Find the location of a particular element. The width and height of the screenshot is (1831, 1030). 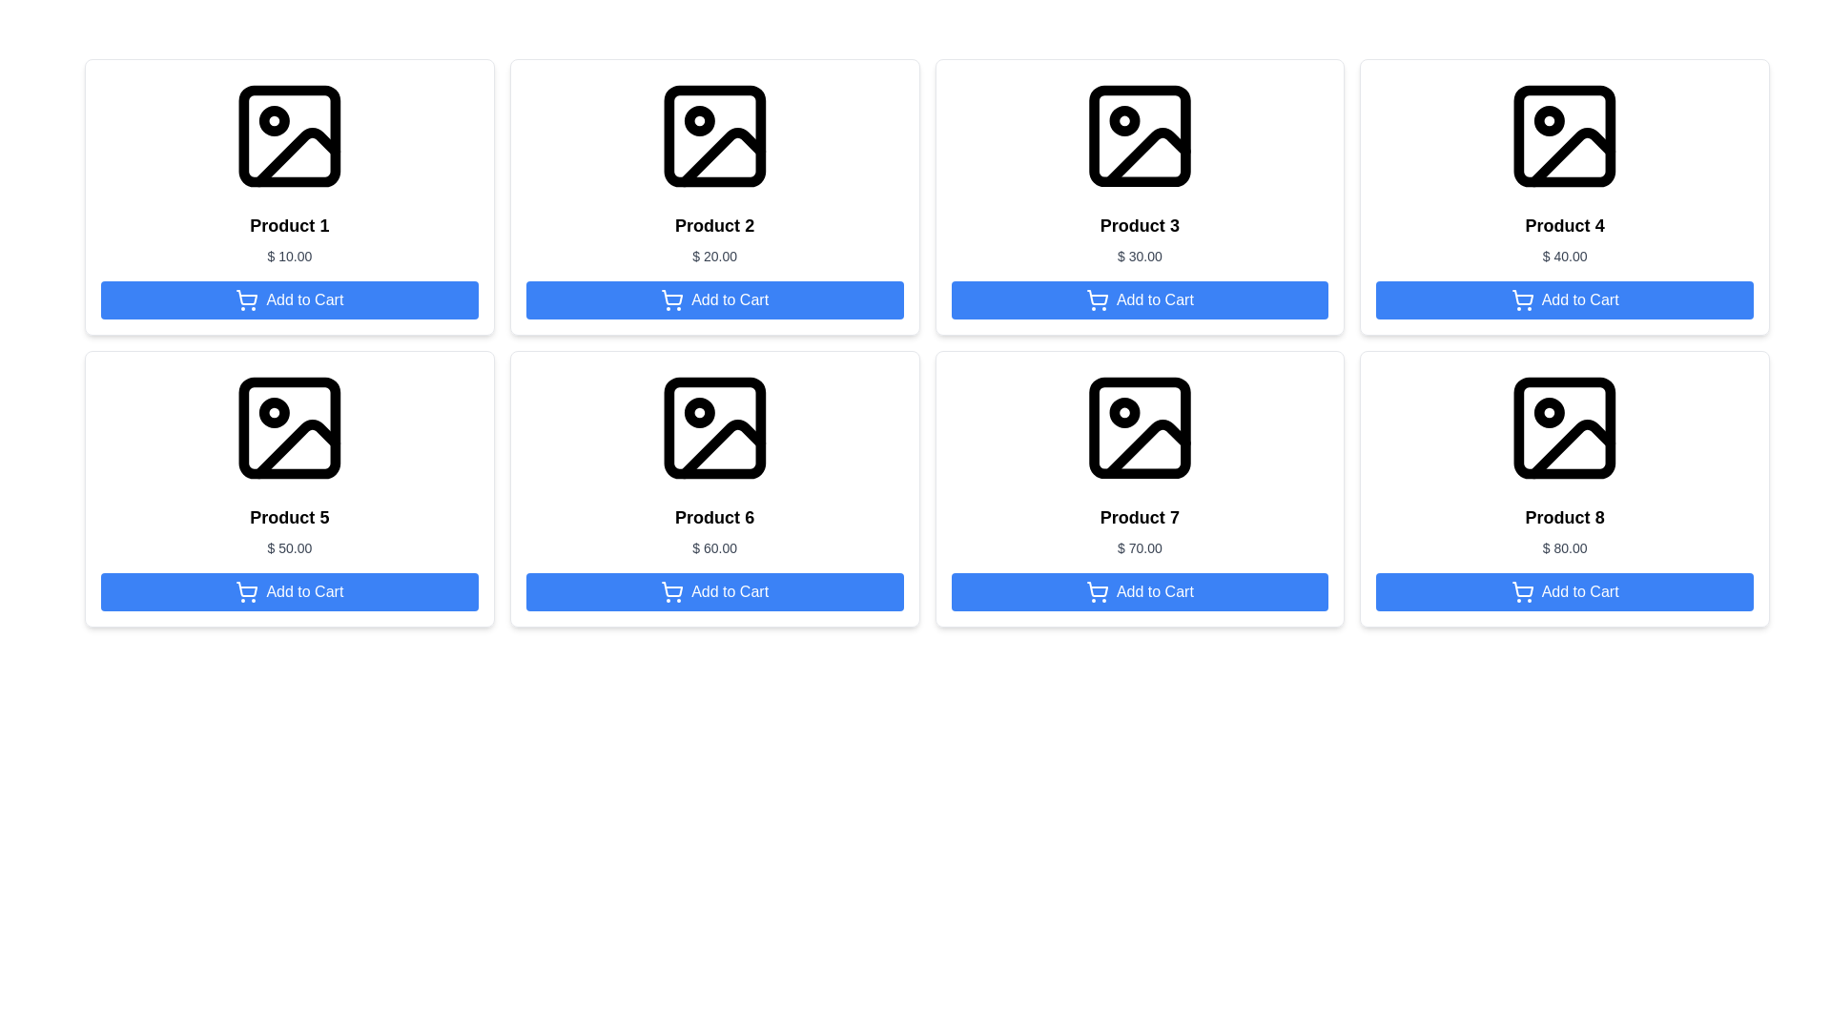

the small circle icon located in the upper-left quadrant of the first product card in the grid layout is located at coordinates (273, 121).